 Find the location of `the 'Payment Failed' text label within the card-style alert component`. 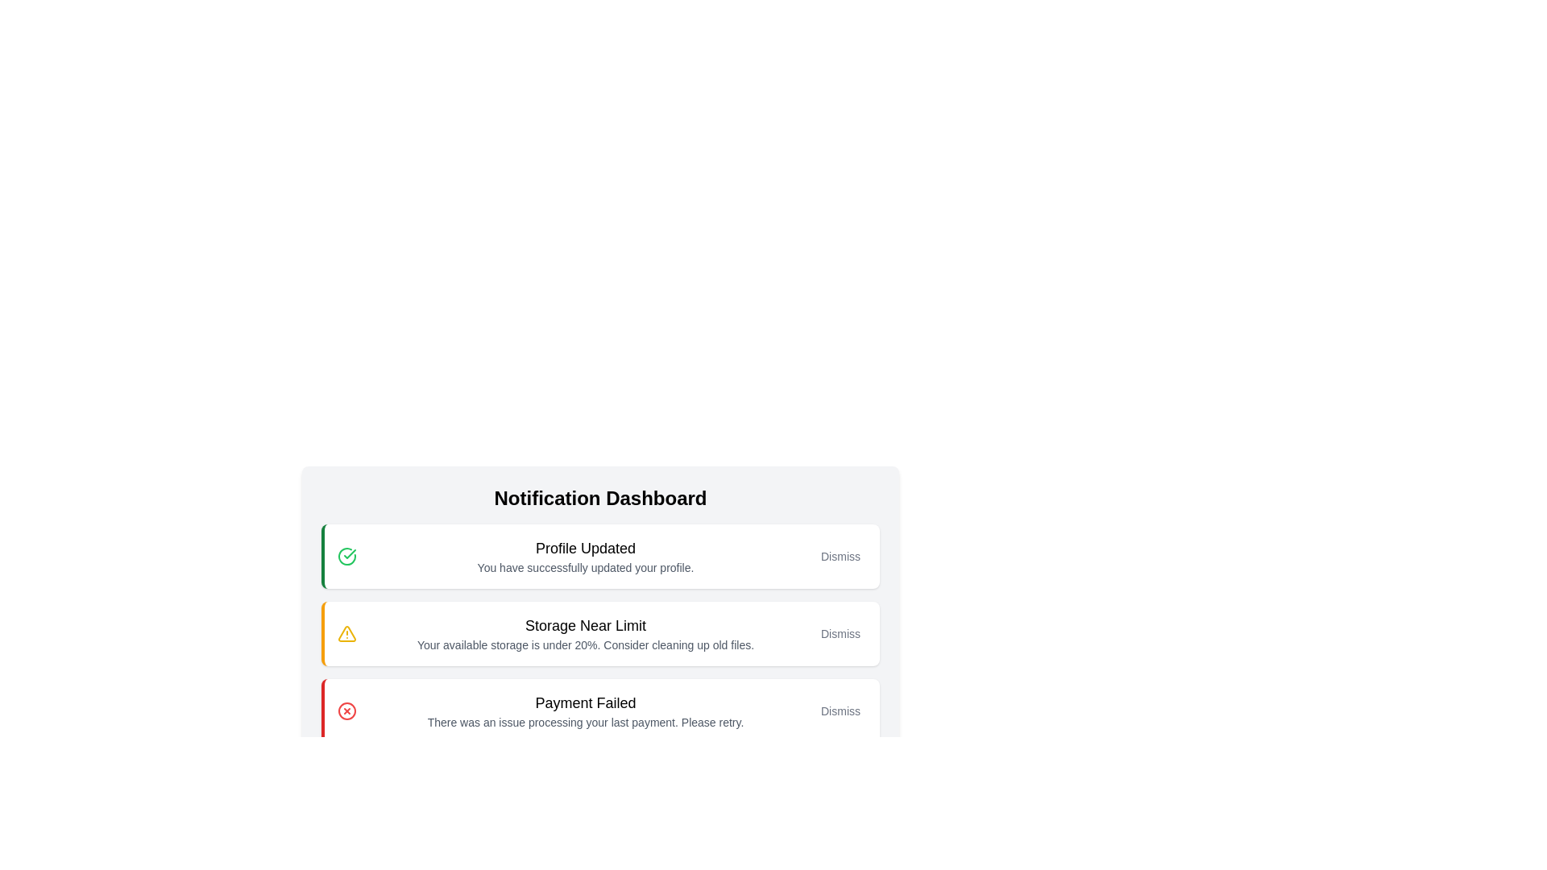

the 'Payment Failed' text label within the card-style alert component is located at coordinates (584, 710).